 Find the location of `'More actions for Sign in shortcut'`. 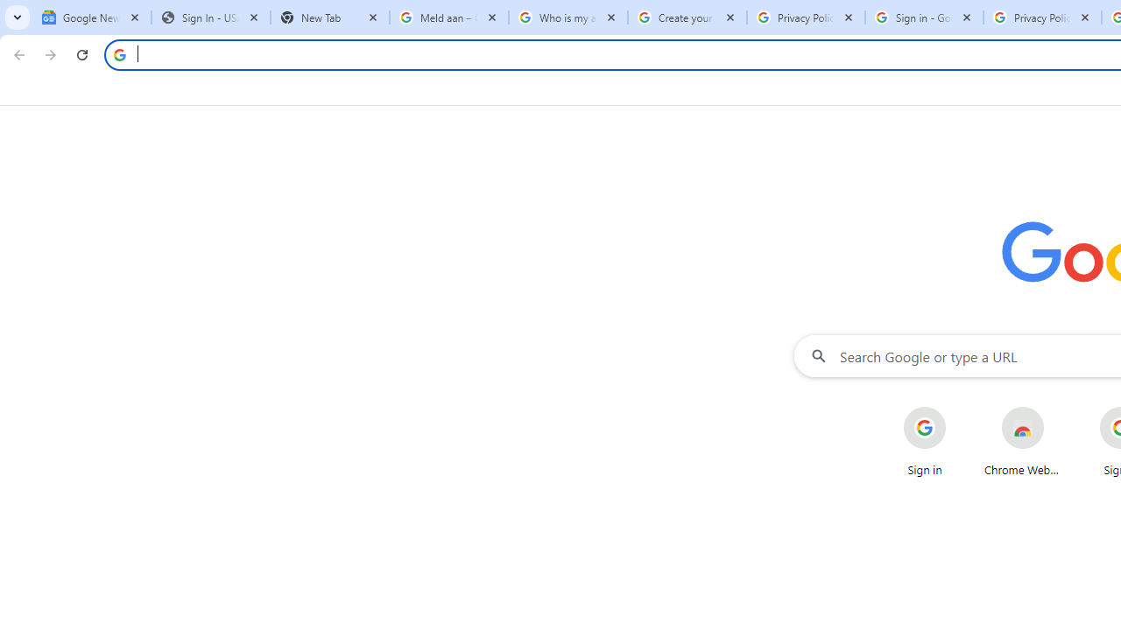

'More actions for Sign in shortcut' is located at coordinates (958, 408).